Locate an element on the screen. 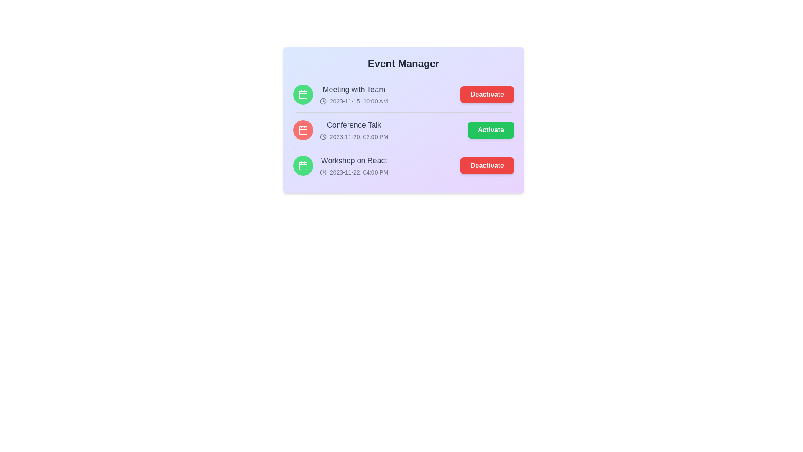 This screenshot has width=803, height=452. the list item corresponding to Workshop on React is located at coordinates (403, 165).